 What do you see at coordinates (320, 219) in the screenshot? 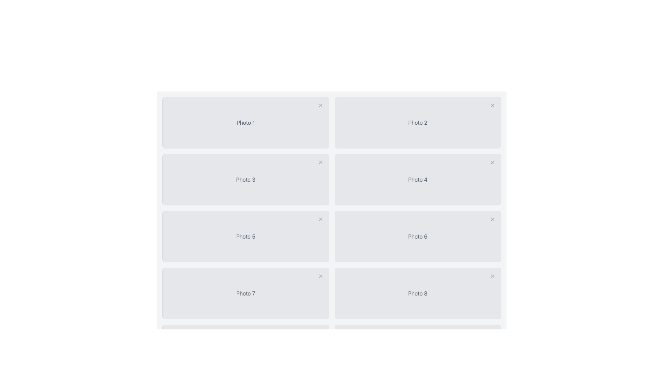
I see `the 'X' shaped button located at the top-right corner of the 'Photo 5' box` at bounding box center [320, 219].